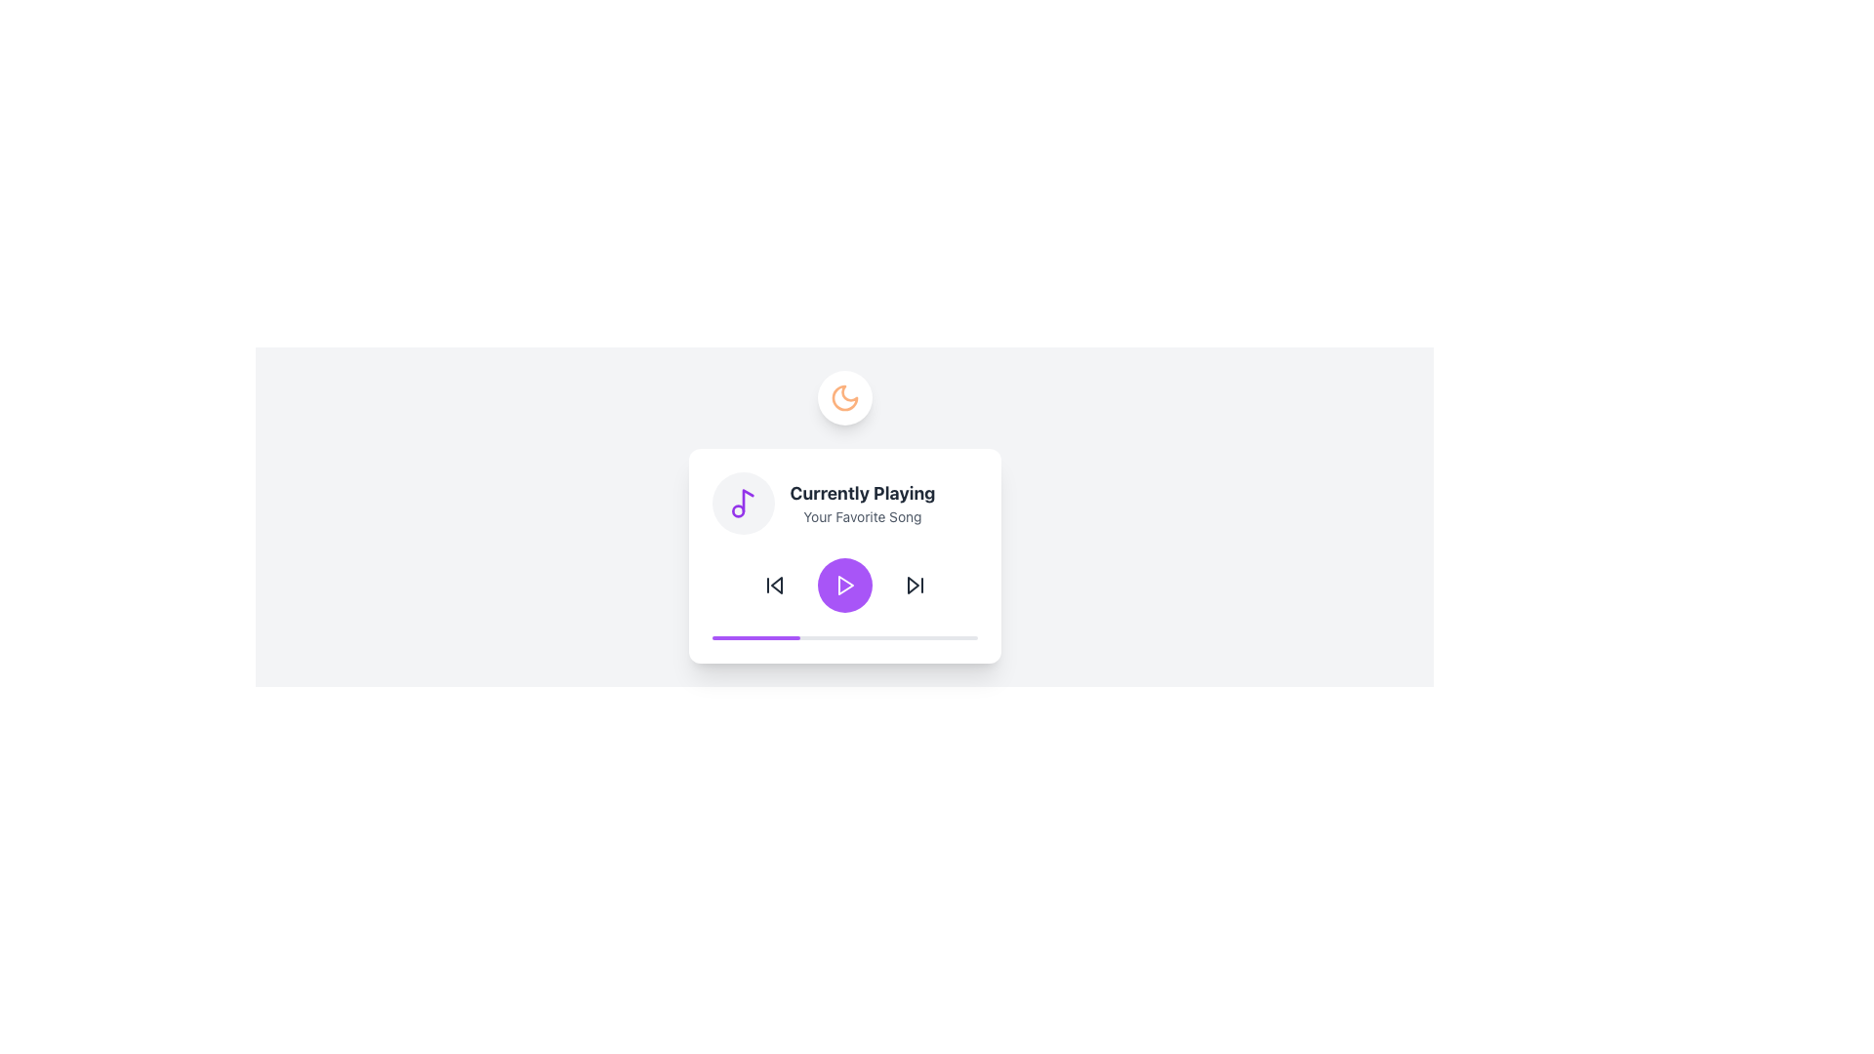  What do you see at coordinates (775, 585) in the screenshot?
I see `the backward skip control icon, which is represented by a left-pointing arrow located to the left of the Play button` at bounding box center [775, 585].